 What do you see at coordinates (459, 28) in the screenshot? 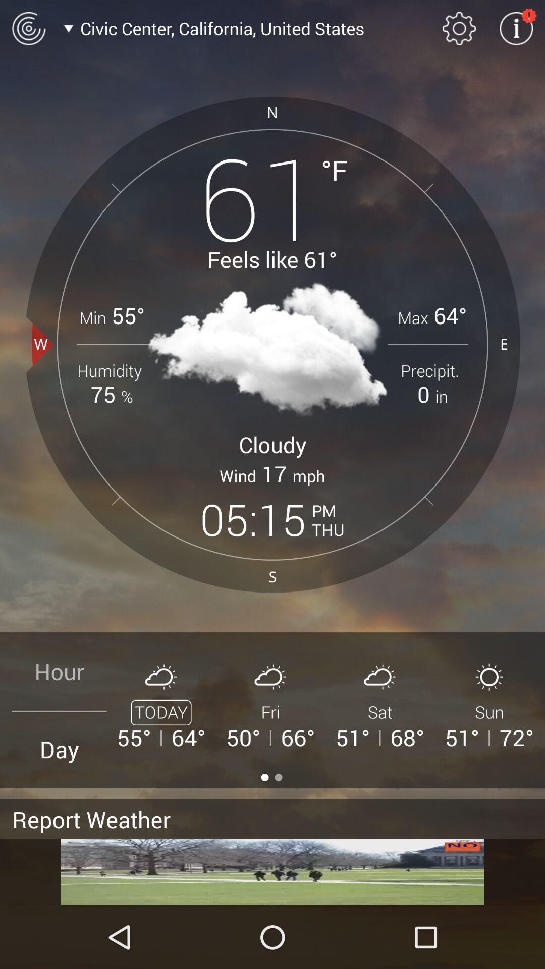
I see `settings` at bounding box center [459, 28].